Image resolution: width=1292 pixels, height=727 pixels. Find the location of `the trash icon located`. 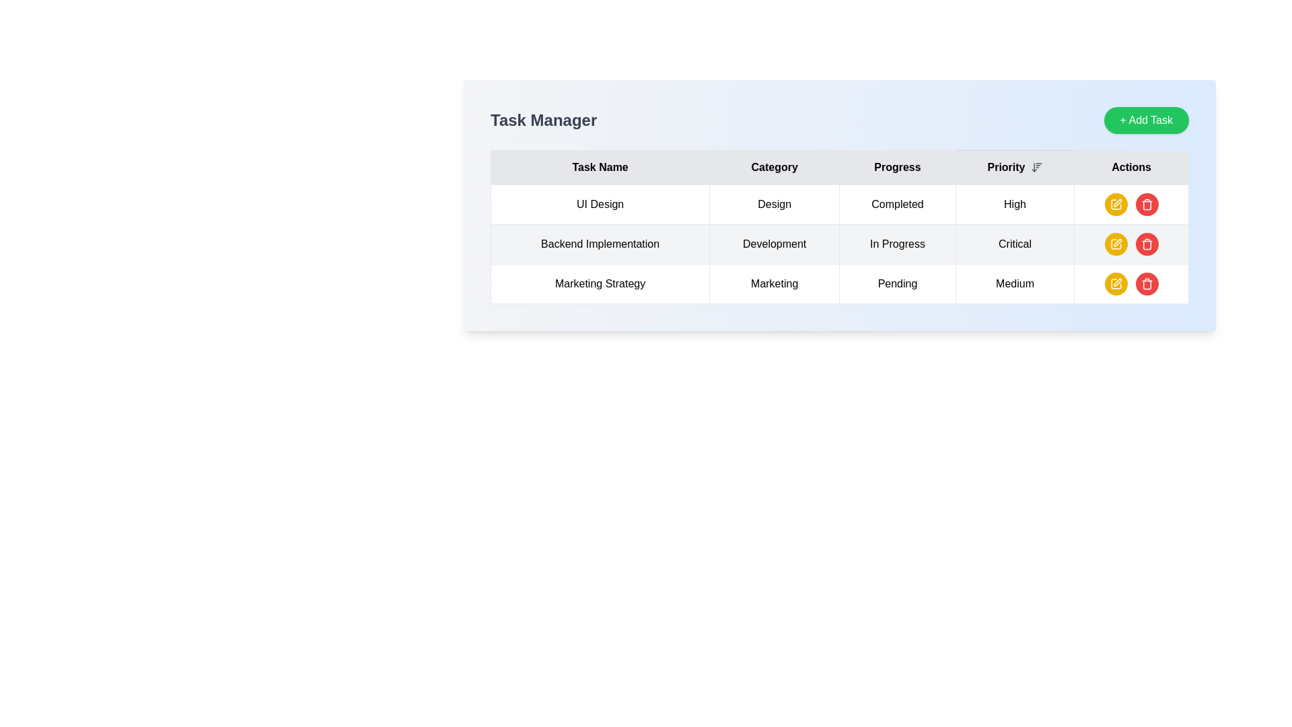

the trash icon located is located at coordinates (1146, 284).